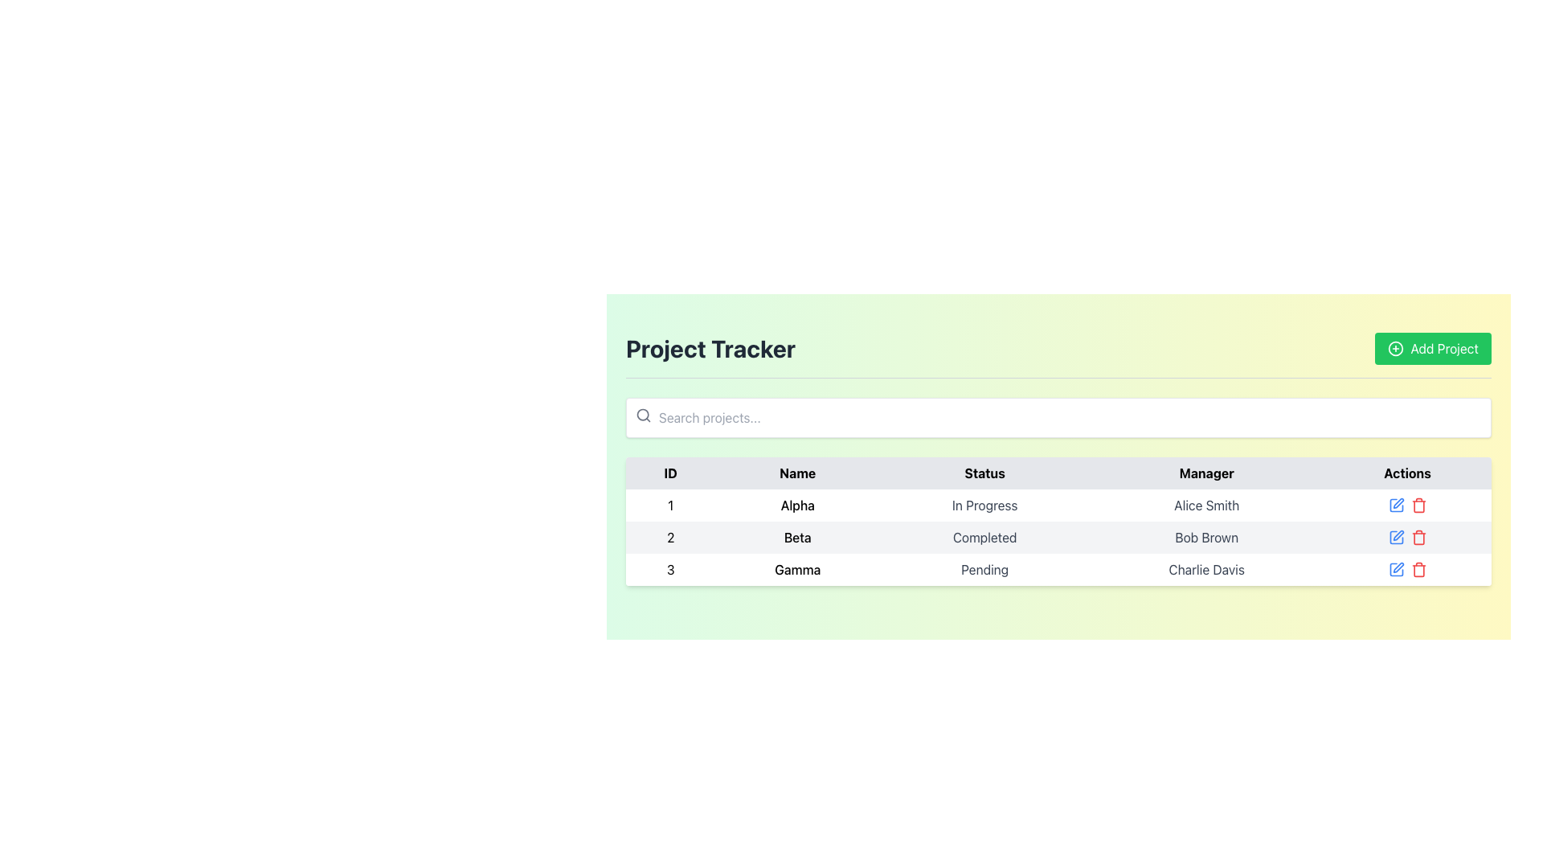  What do you see at coordinates (1395, 537) in the screenshot?
I see `the Interactive icon (Edit button) located in the Actions column of the project tracker table for Bob Brown` at bounding box center [1395, 537].